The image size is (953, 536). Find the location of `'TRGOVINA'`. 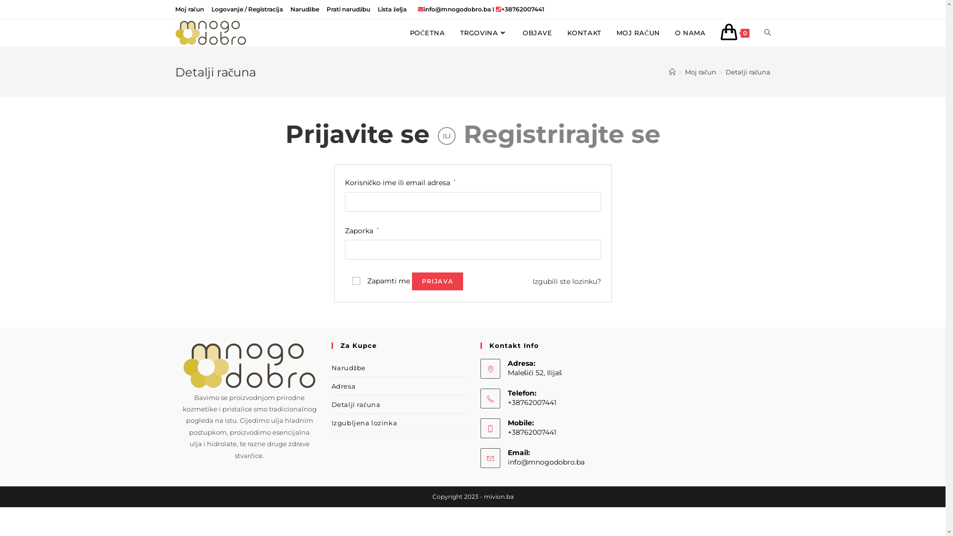

'TRGOVINA' is located at coordinates (483, 32).